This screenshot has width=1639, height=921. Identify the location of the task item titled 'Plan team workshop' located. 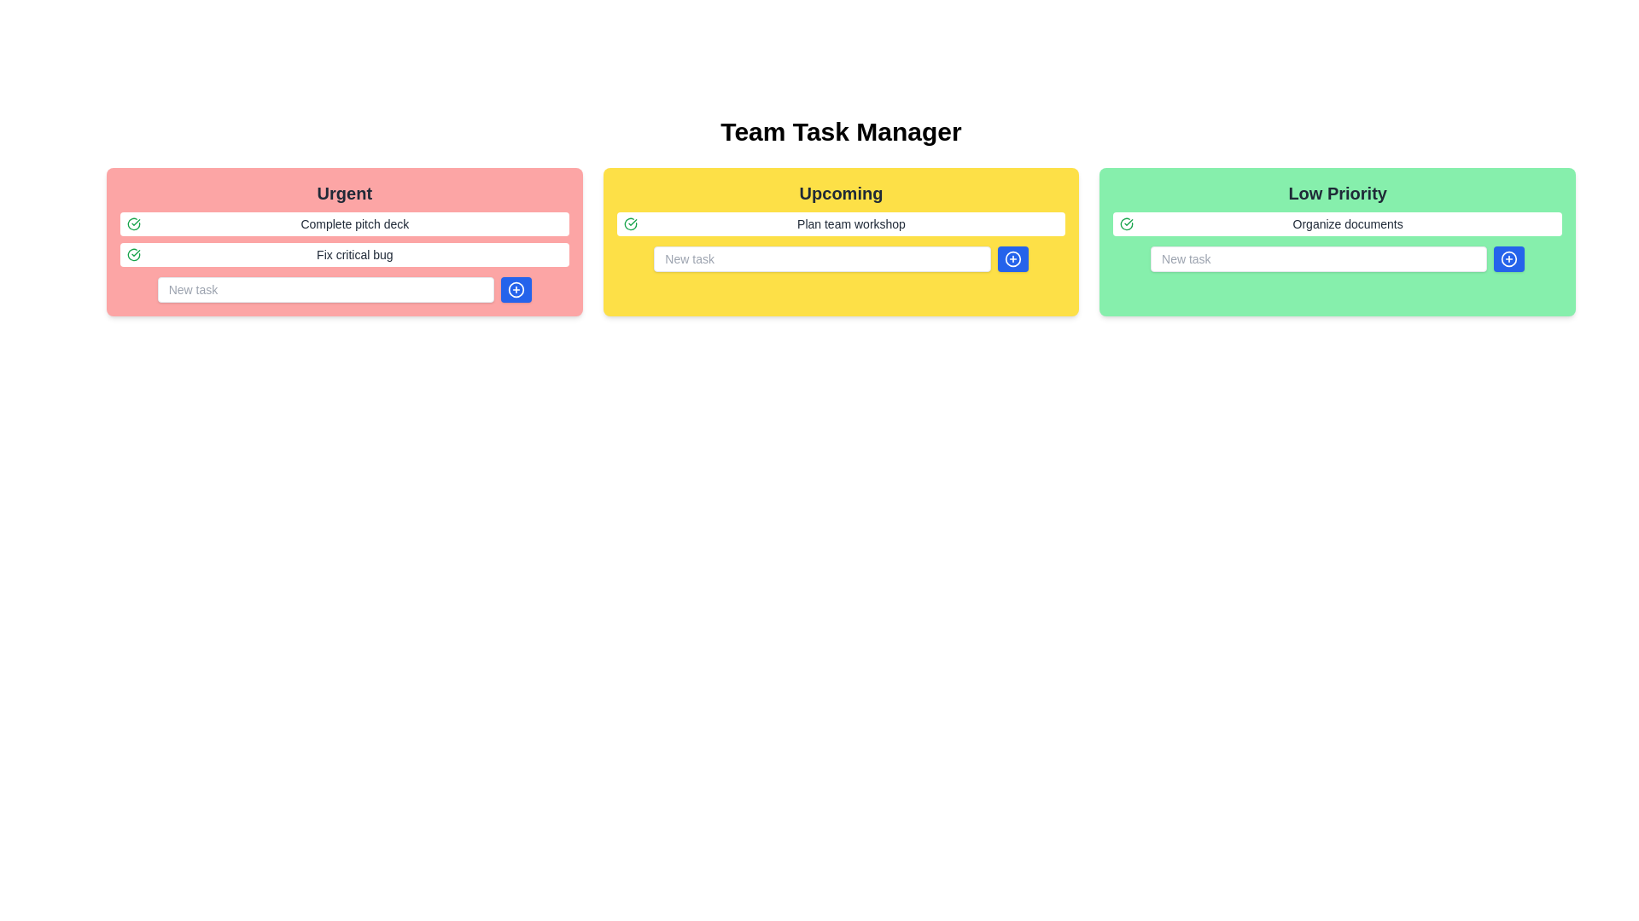
(841, 223).